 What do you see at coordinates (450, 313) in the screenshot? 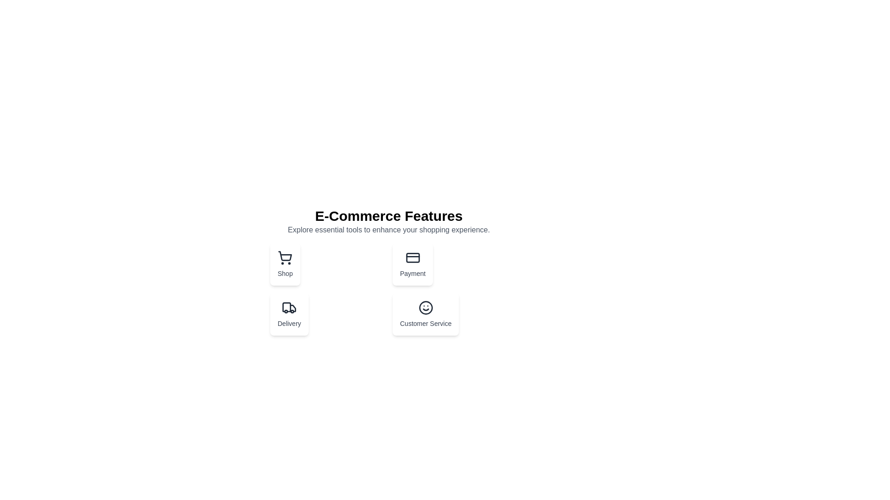
I see `the interactive card component located in the bottom-right corner of the grid` at bounding box center [450, 313].